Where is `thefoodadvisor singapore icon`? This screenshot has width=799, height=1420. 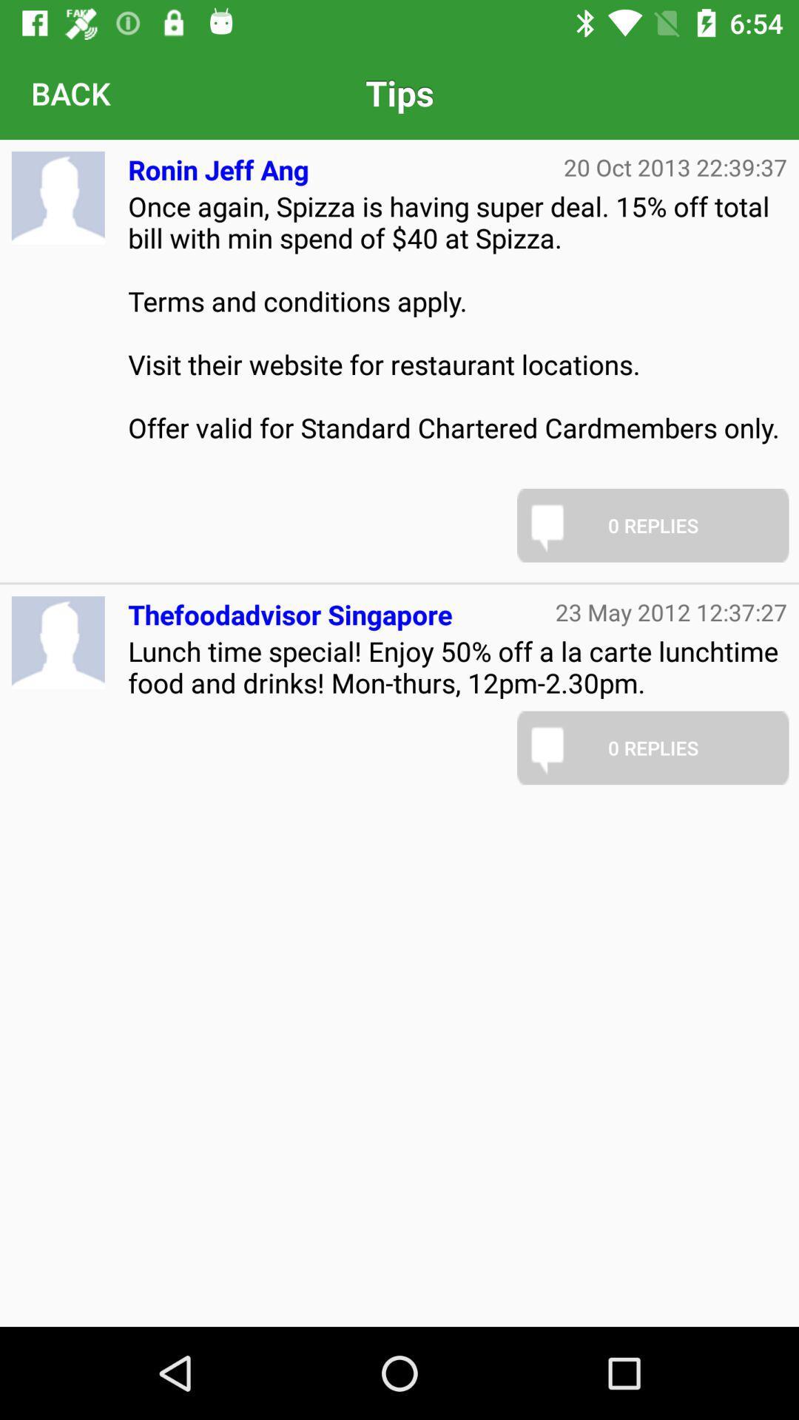 thefoodadvisor singapore icon is located at coordinates (290, 609).